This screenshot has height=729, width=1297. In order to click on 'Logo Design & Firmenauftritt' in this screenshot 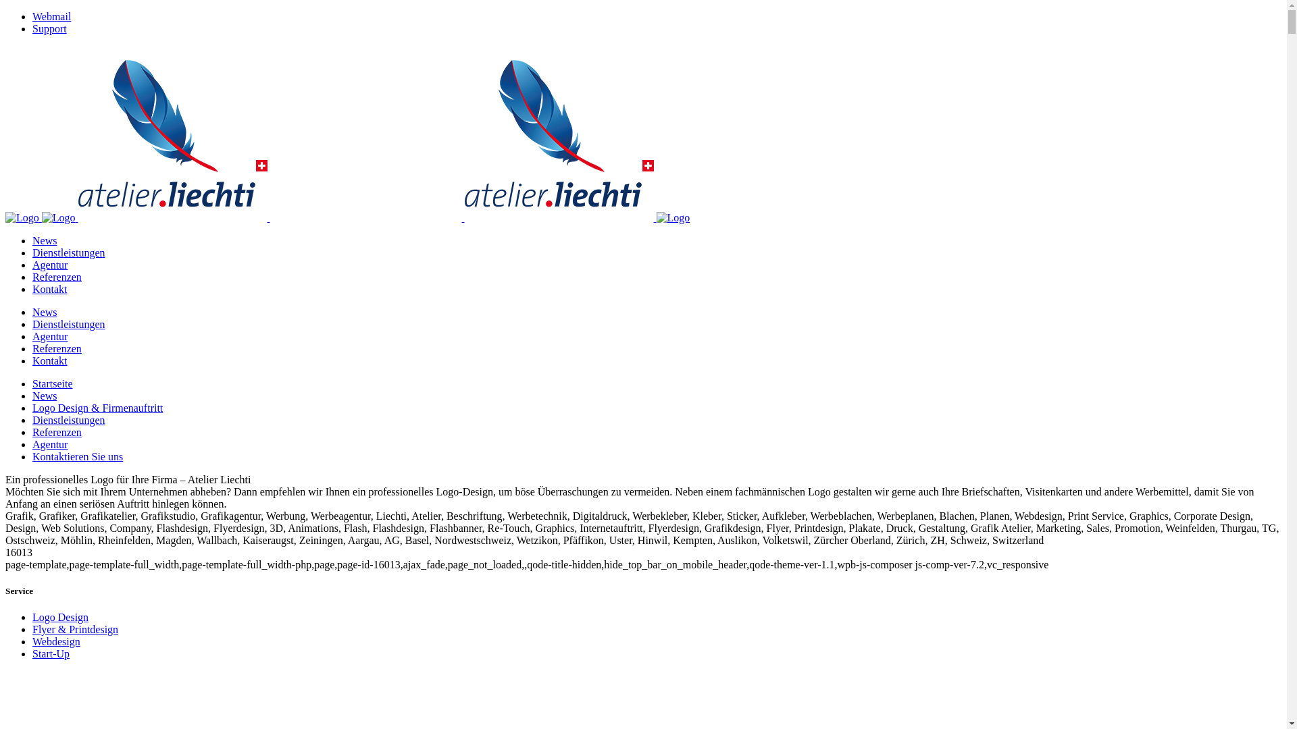, I will do `click(97, 407)`.